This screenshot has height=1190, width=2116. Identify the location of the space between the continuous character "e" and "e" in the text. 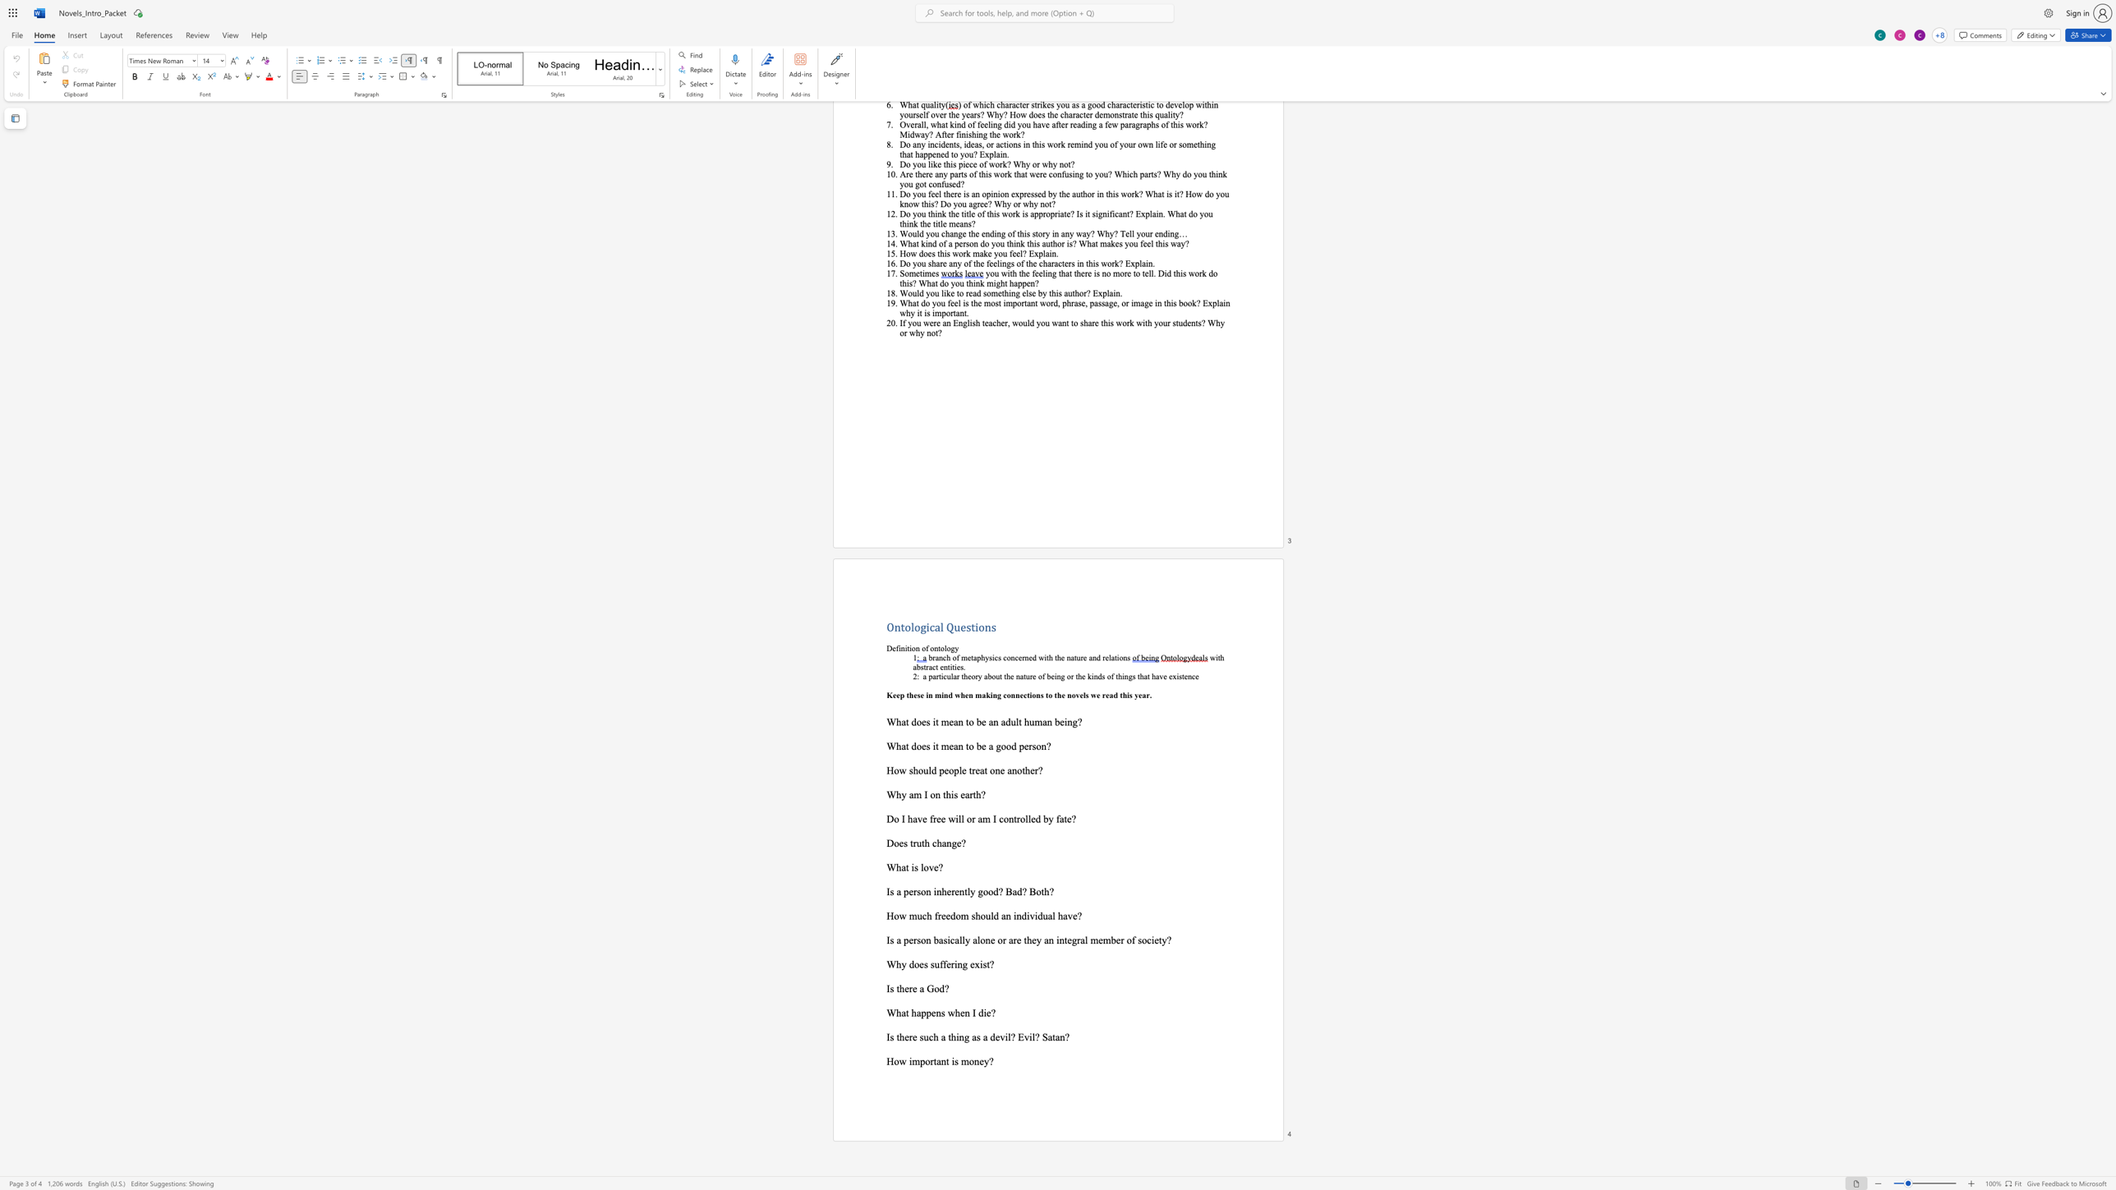
(945, 915).